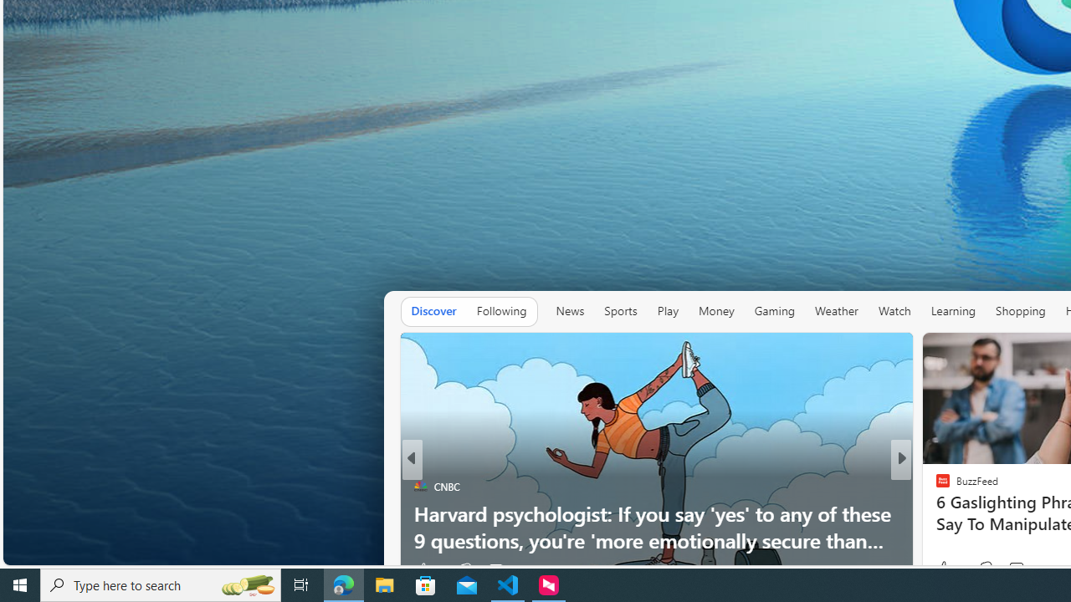  I want to click on 'Play', so click(667, 311).